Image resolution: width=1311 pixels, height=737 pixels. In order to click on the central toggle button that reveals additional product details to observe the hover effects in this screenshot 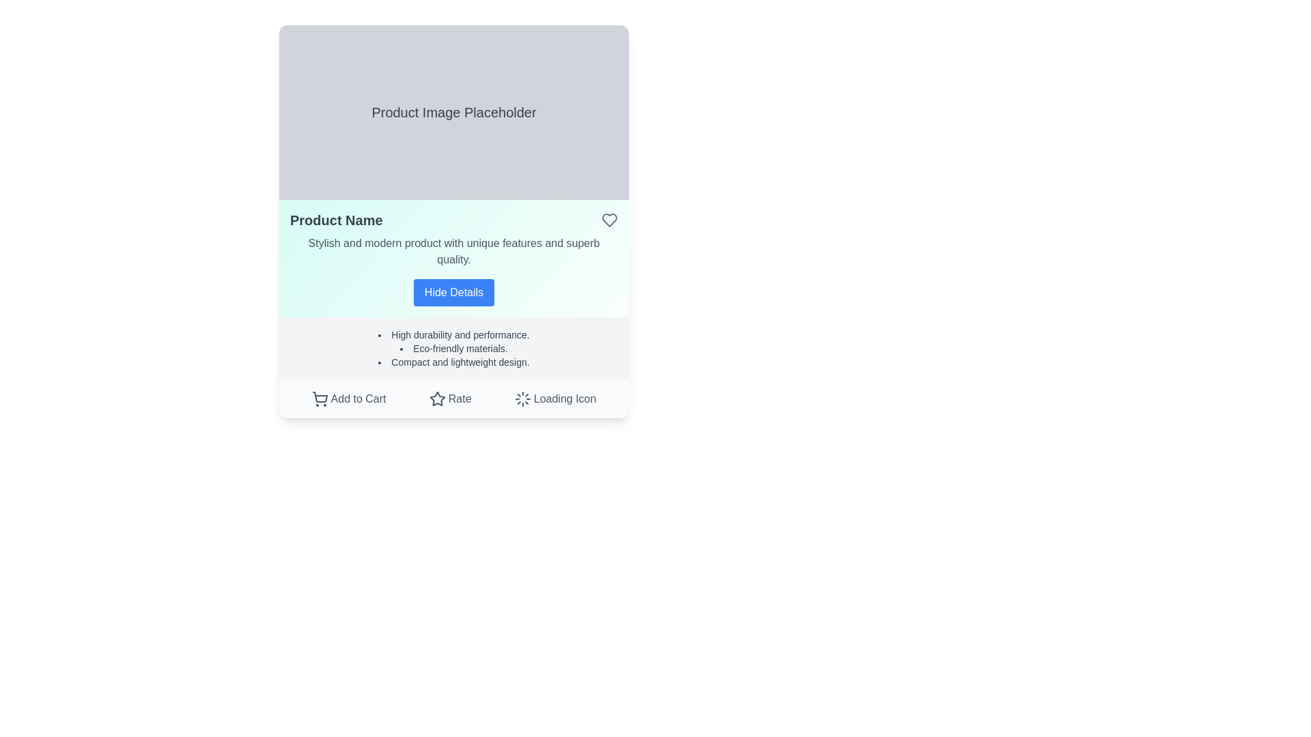, I will do `click(453, 291)`.